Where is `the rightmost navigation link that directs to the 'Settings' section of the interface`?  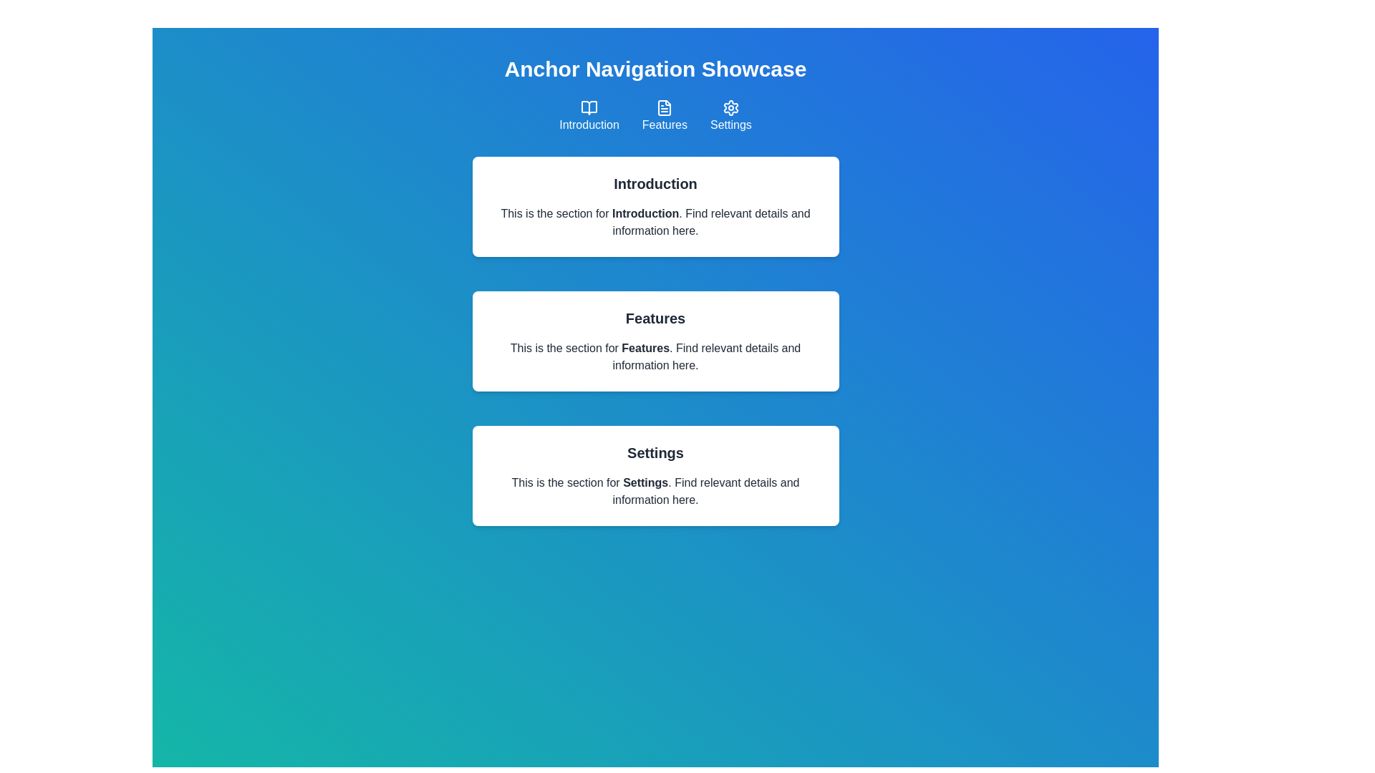
the rightmost navigation link that directs to the 'Settings' section of the interface is located at coordinates (730, 115).